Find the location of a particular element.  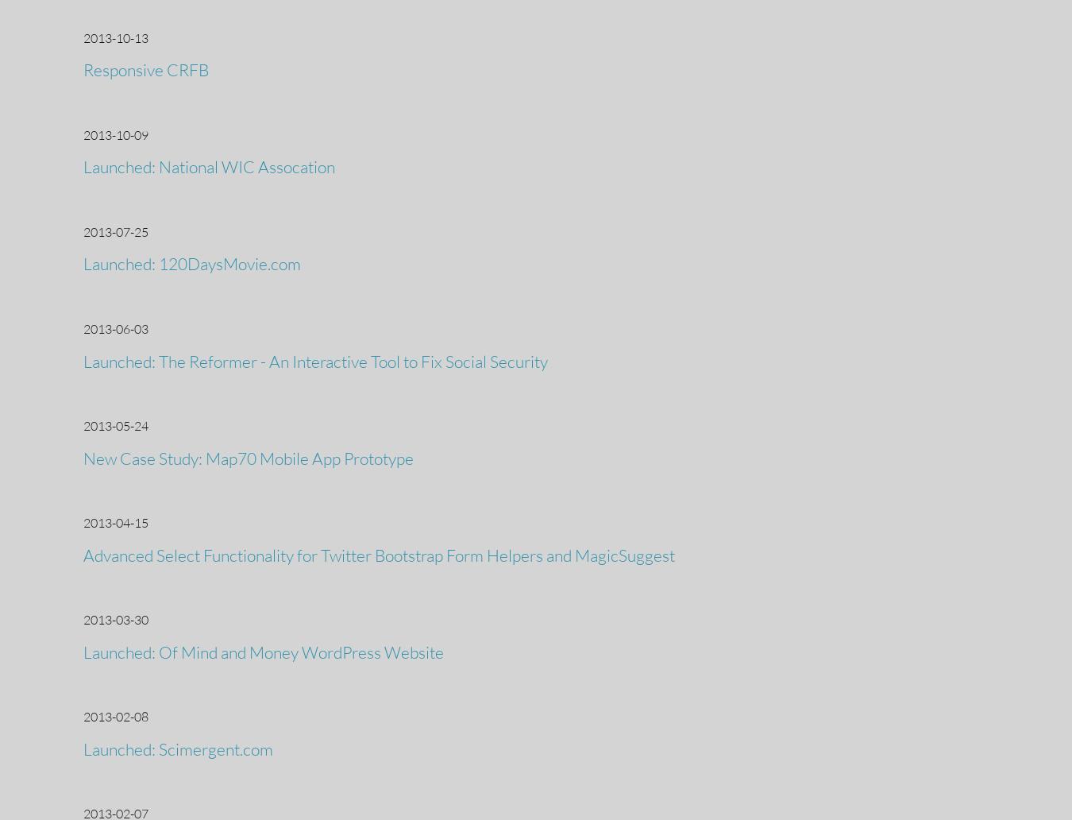

'Launched: Scimergent.com' is located at coordinates (178, 748).